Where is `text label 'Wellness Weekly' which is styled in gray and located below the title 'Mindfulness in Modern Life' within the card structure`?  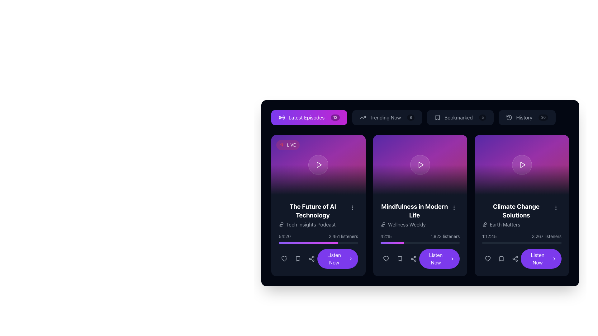
text label 'Wellness Weekly' which is styled in gray and located below the title 'Mindfulness in Modern Life' within the card structure is located at coordinates (414, 224).